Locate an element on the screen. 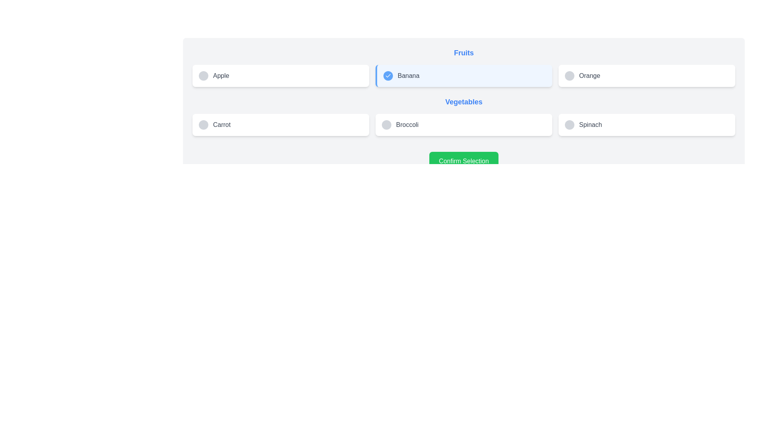 This screenshot has width=759, height=427. the selectable option labeled 'Apple' located in the first row and first column of the grid is located at coordinates (281, 76).